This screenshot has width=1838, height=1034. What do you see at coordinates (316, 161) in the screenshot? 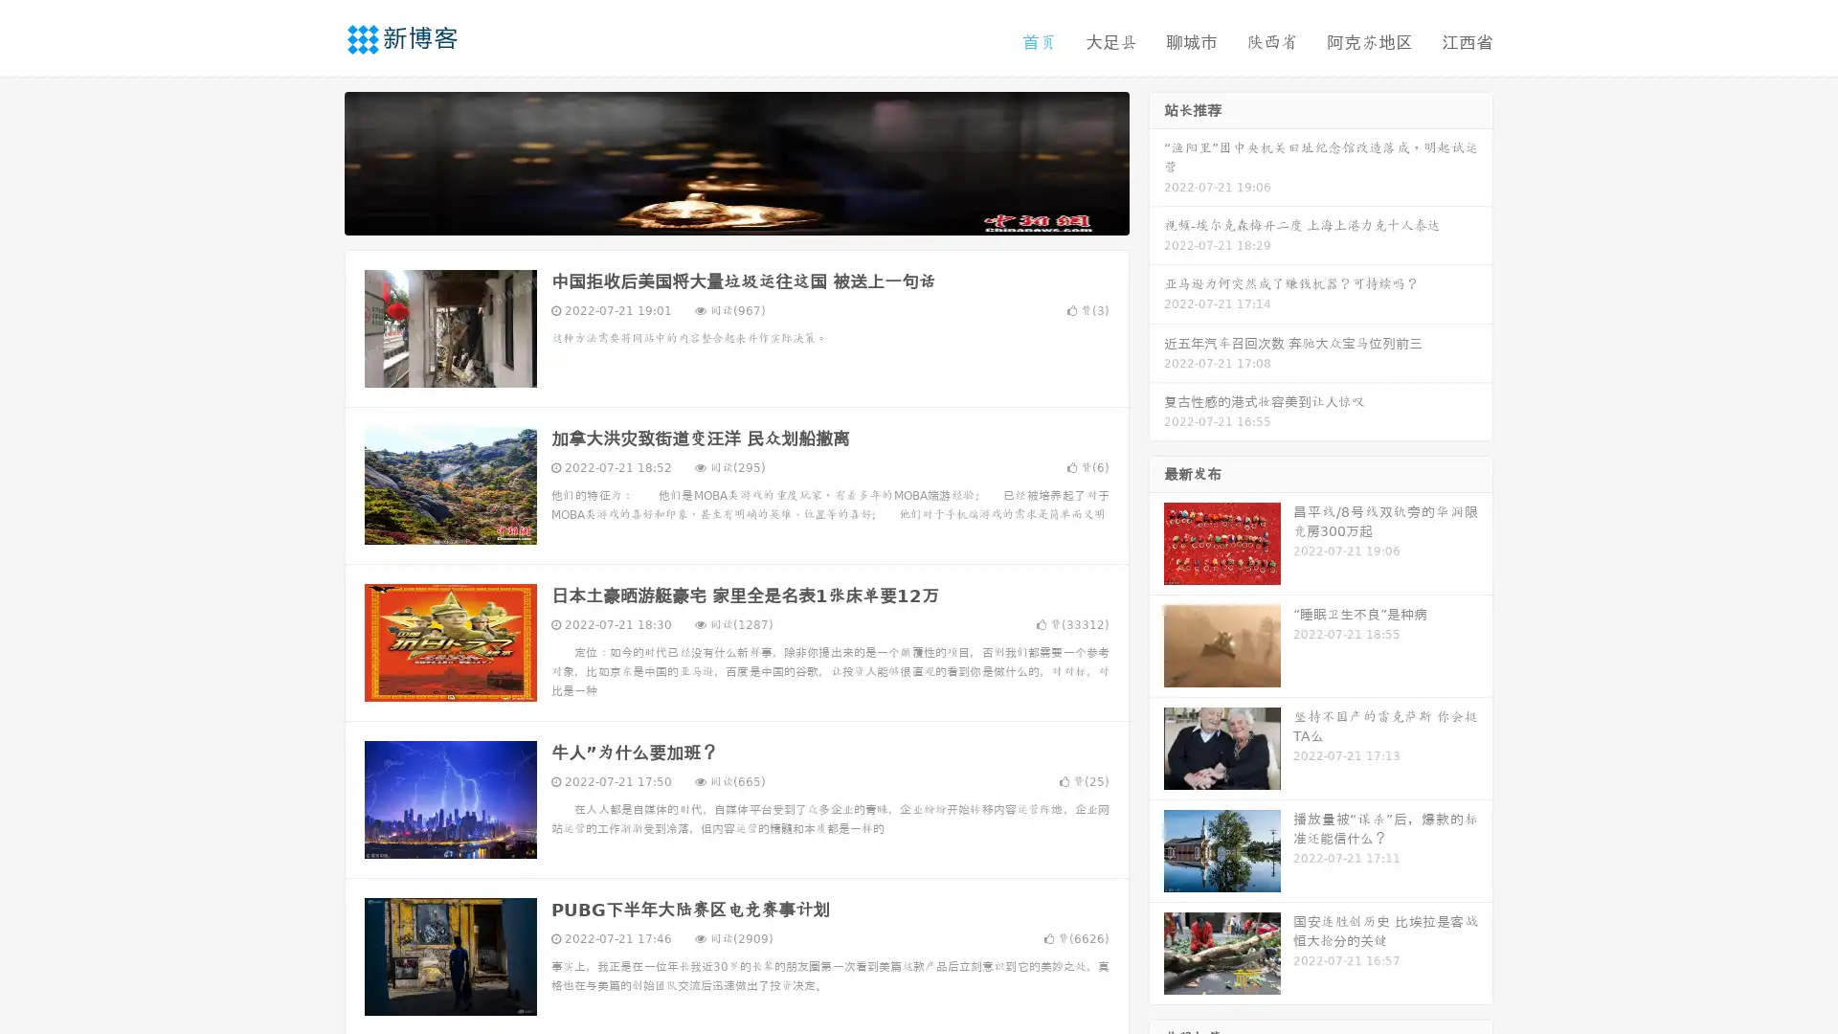
I see `Previous slide` at bounding box center [316, 161].